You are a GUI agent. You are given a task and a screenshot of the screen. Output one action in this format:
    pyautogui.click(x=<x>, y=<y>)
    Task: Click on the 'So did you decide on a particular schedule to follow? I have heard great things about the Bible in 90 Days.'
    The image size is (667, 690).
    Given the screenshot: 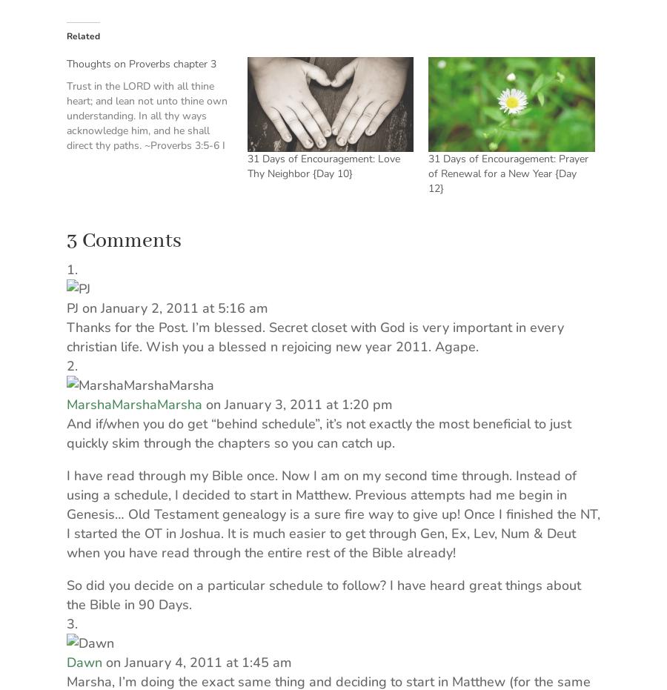 What is the action you would take?
    pyautogui.click(x=324, y=594)
    